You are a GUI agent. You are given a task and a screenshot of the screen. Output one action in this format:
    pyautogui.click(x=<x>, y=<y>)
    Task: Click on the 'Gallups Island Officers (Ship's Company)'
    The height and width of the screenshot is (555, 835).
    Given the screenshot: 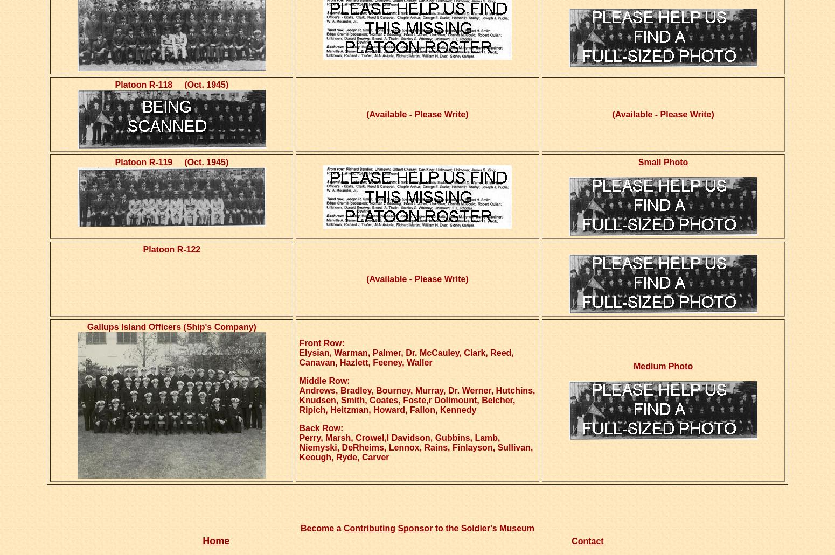 What is the action you would take?
    pyautogui.click(x=171, y=326)
    